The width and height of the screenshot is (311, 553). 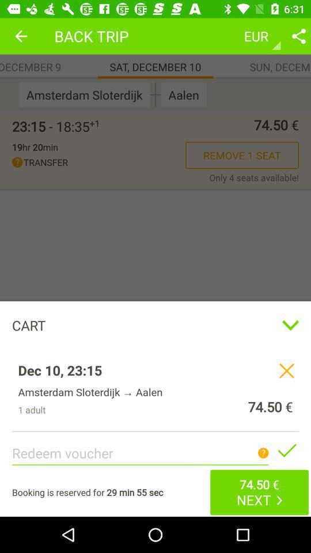 What do you see at coordinates (298, 36) in the screenshot?
I see `share` at bounding box center [298, 36].